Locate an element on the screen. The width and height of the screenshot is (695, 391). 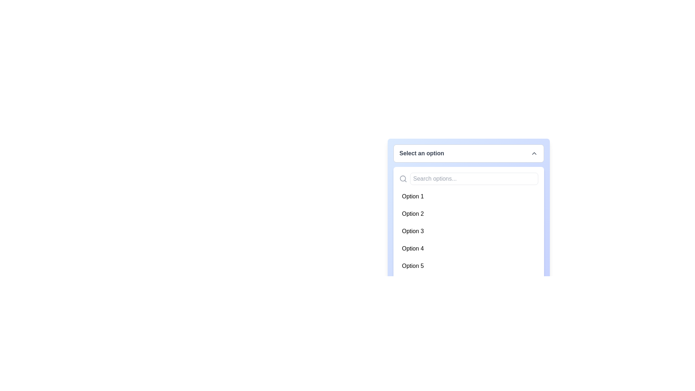
the 'Option 4' Text item in the dropdown menu is located at coordinates (413, 248).